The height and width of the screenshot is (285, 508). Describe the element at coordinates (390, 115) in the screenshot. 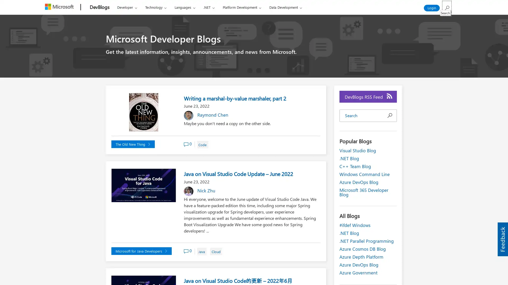

I see `Search` at that location.